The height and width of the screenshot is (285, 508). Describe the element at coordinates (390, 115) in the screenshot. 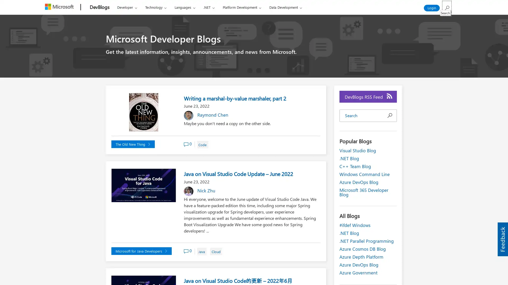

I see `Search` at that location.